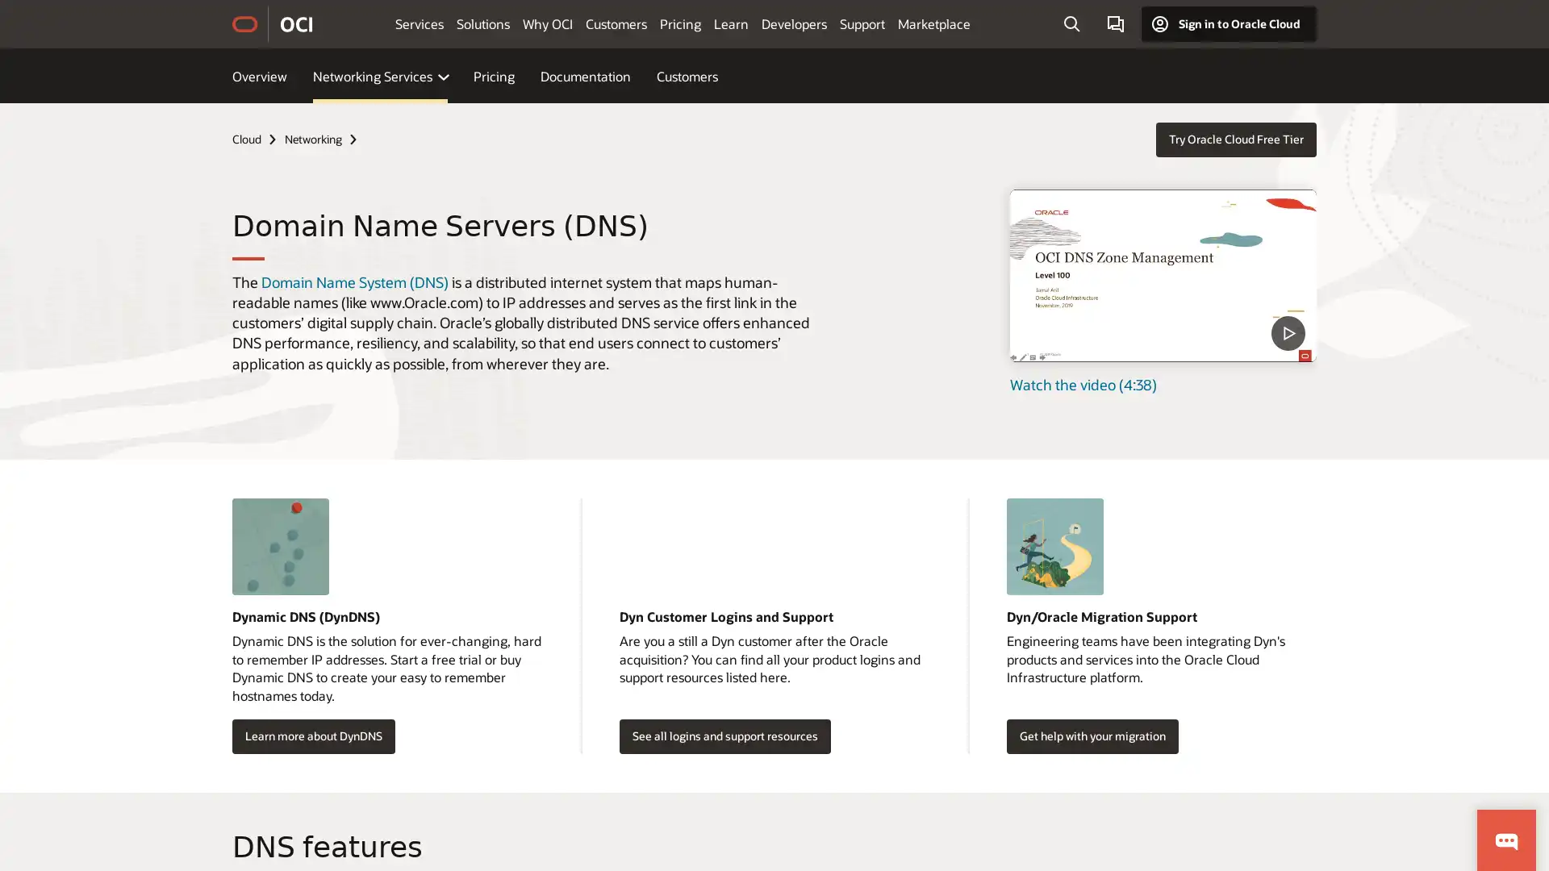 The height and width of the screenshot is (871, 1549). Describe the element at coordinates (419, 23) in the screenshot. I see `Services` at that location.